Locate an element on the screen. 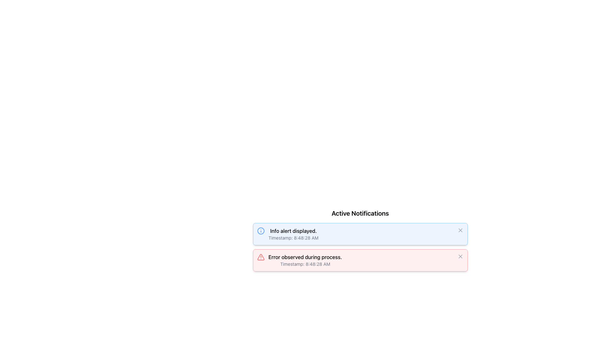 The width and height of the screenshot is (614, 345). the text within the second notification card that describes the error event, specifically the message 'Error observed during process' and its timestamp '8:48:28 AM' is located at coordinates (305, 260).